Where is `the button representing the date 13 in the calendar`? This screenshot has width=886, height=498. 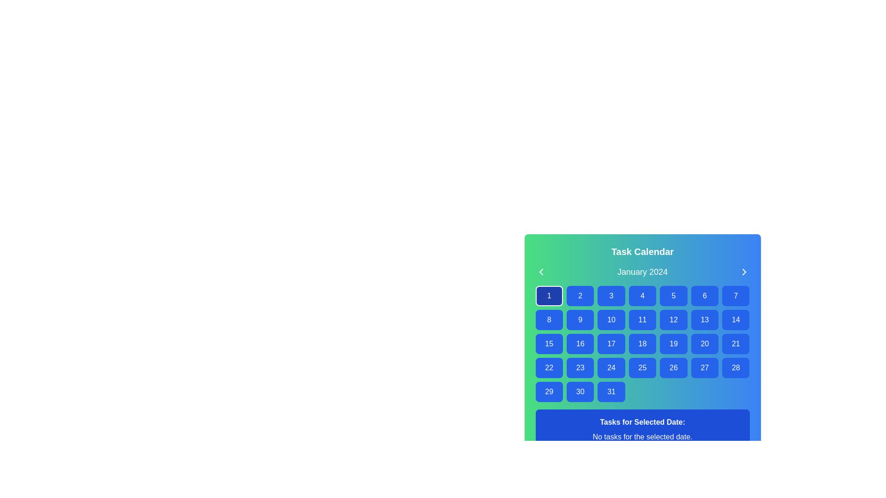
the button representing the date 13 in the calendar is located at coordinates (704, 320).